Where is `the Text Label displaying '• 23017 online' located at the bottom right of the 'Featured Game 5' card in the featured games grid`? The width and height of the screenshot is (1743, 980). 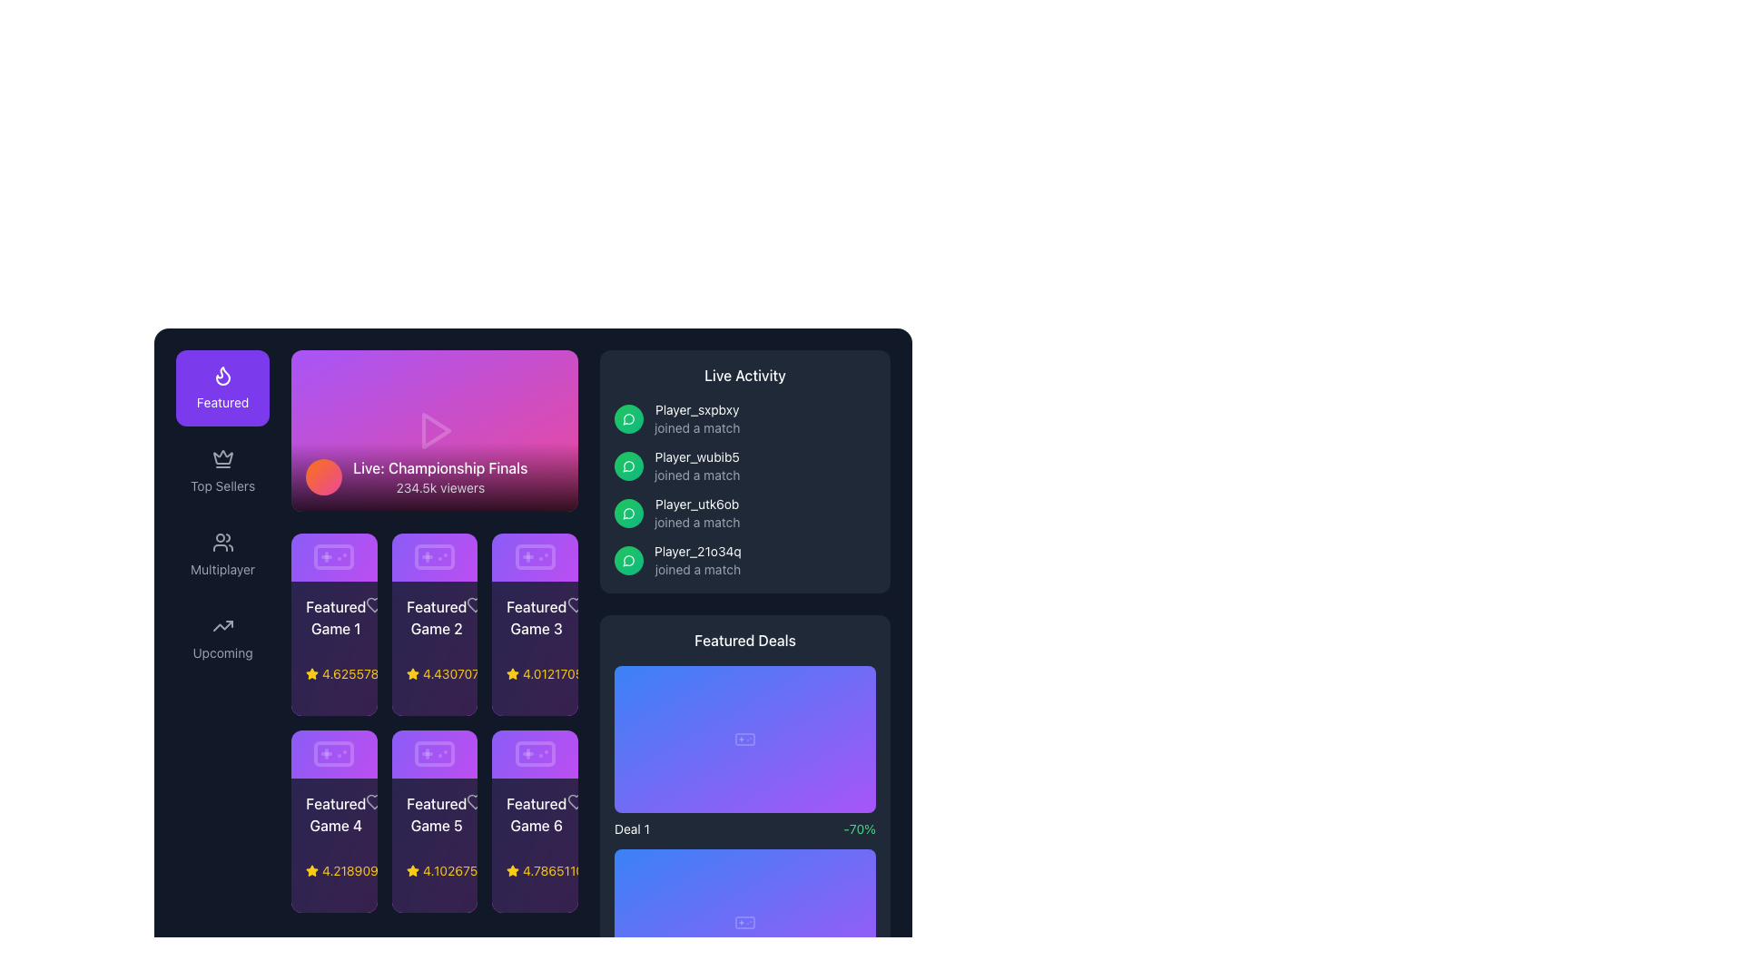 the Text Label displaying '• 23017 online' located at the bottom right of the 'Featured Game 5' card in the featured games grid is located at coordinates (466, 870).